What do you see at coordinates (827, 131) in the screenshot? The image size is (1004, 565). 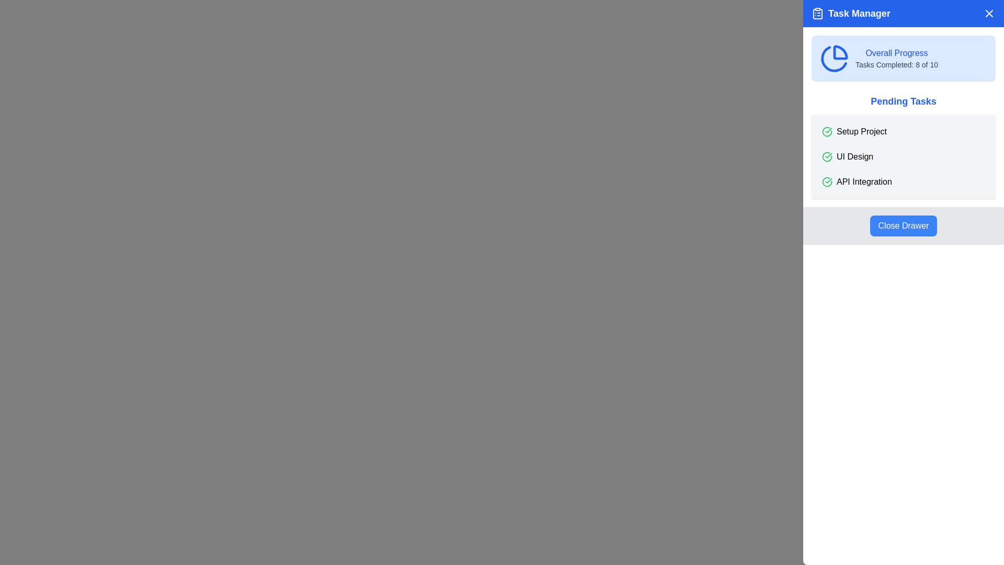 I see `the completion status icon for the 'Setup Project' task, which is located to the left of the text within the 'Pending Tasks' list` at bounding box center [827, 131].